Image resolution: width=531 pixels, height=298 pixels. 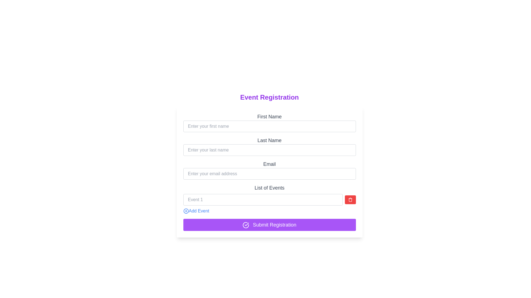 I want to click on the checkmark icon within the circular icon located at the bottom center of the displayed form, so click(x=246, y=224).